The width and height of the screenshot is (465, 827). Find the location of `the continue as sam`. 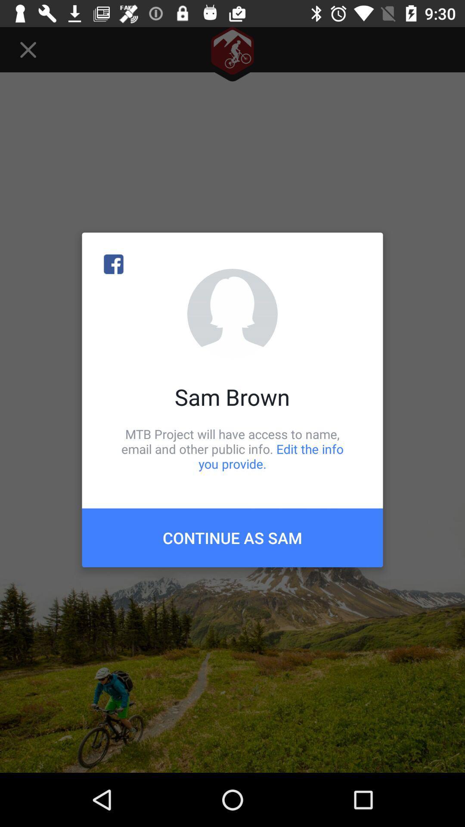

the continue as sam is located at coordinates (232, 537).